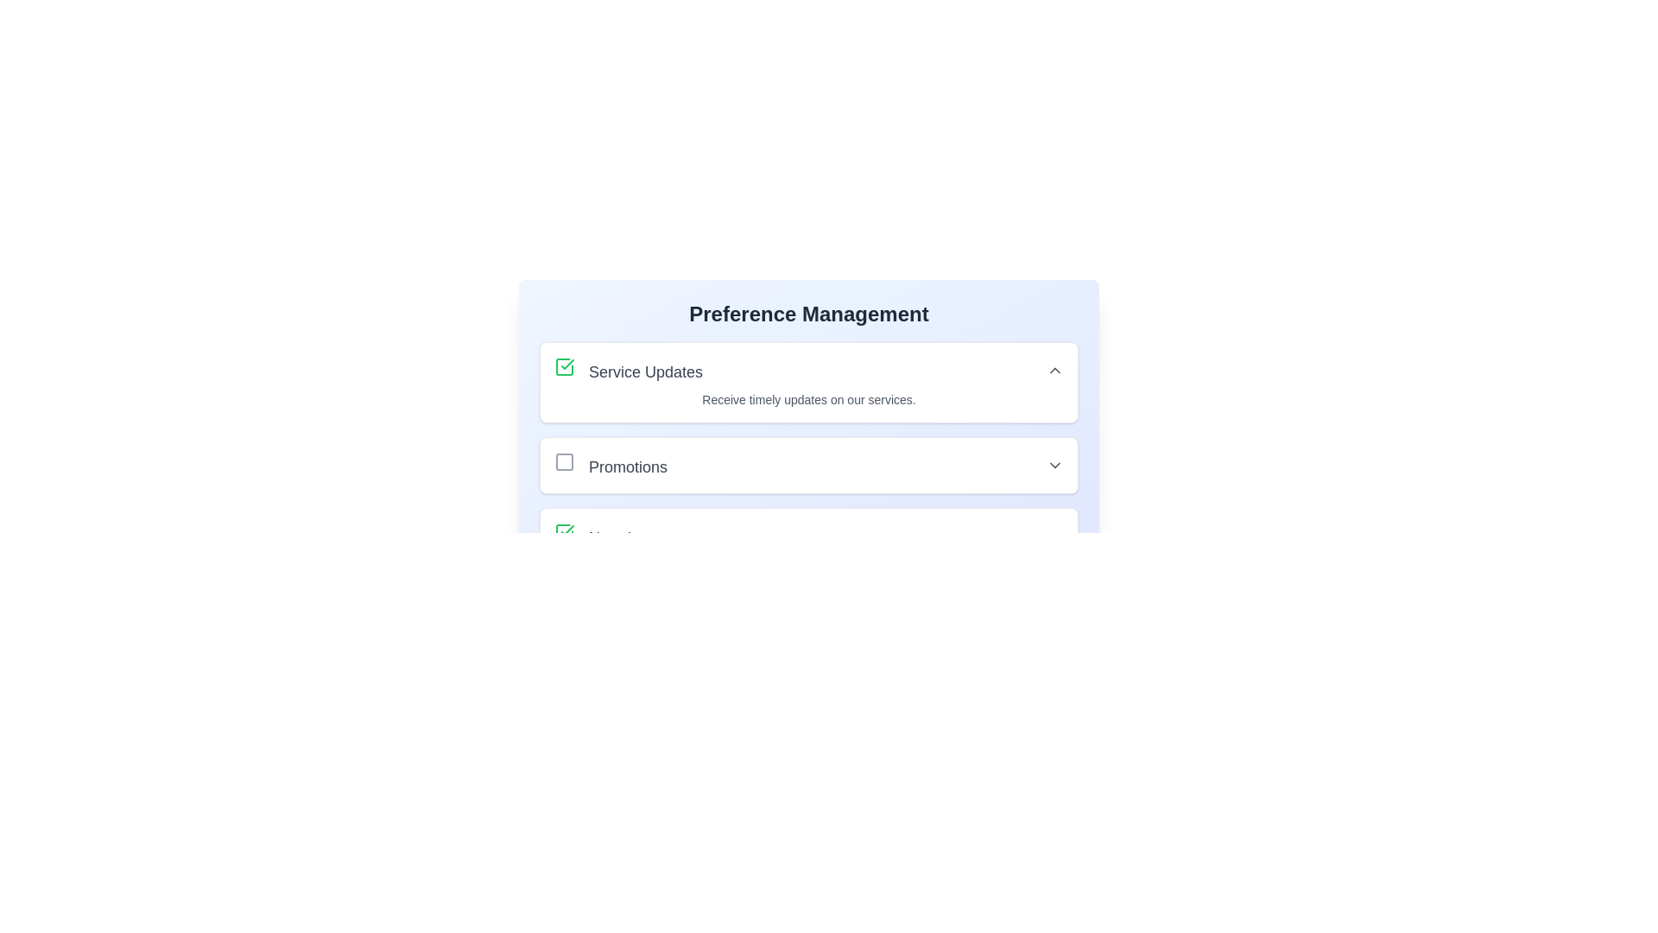  I want to click on the third Expandable List Item in the 'Service Updates' and 'Promotions' section, so click(807, 536).